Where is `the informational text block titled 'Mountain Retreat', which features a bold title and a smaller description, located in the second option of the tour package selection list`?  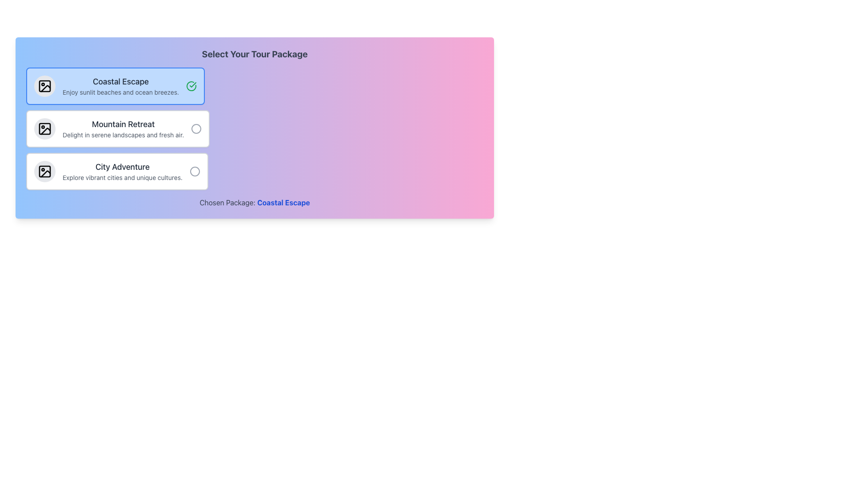
the informational text block titled 'Mountain Retreat', which features a bold title and a smaller description, located in the second option of the tour package selection list is located at coordinates (123, 128).